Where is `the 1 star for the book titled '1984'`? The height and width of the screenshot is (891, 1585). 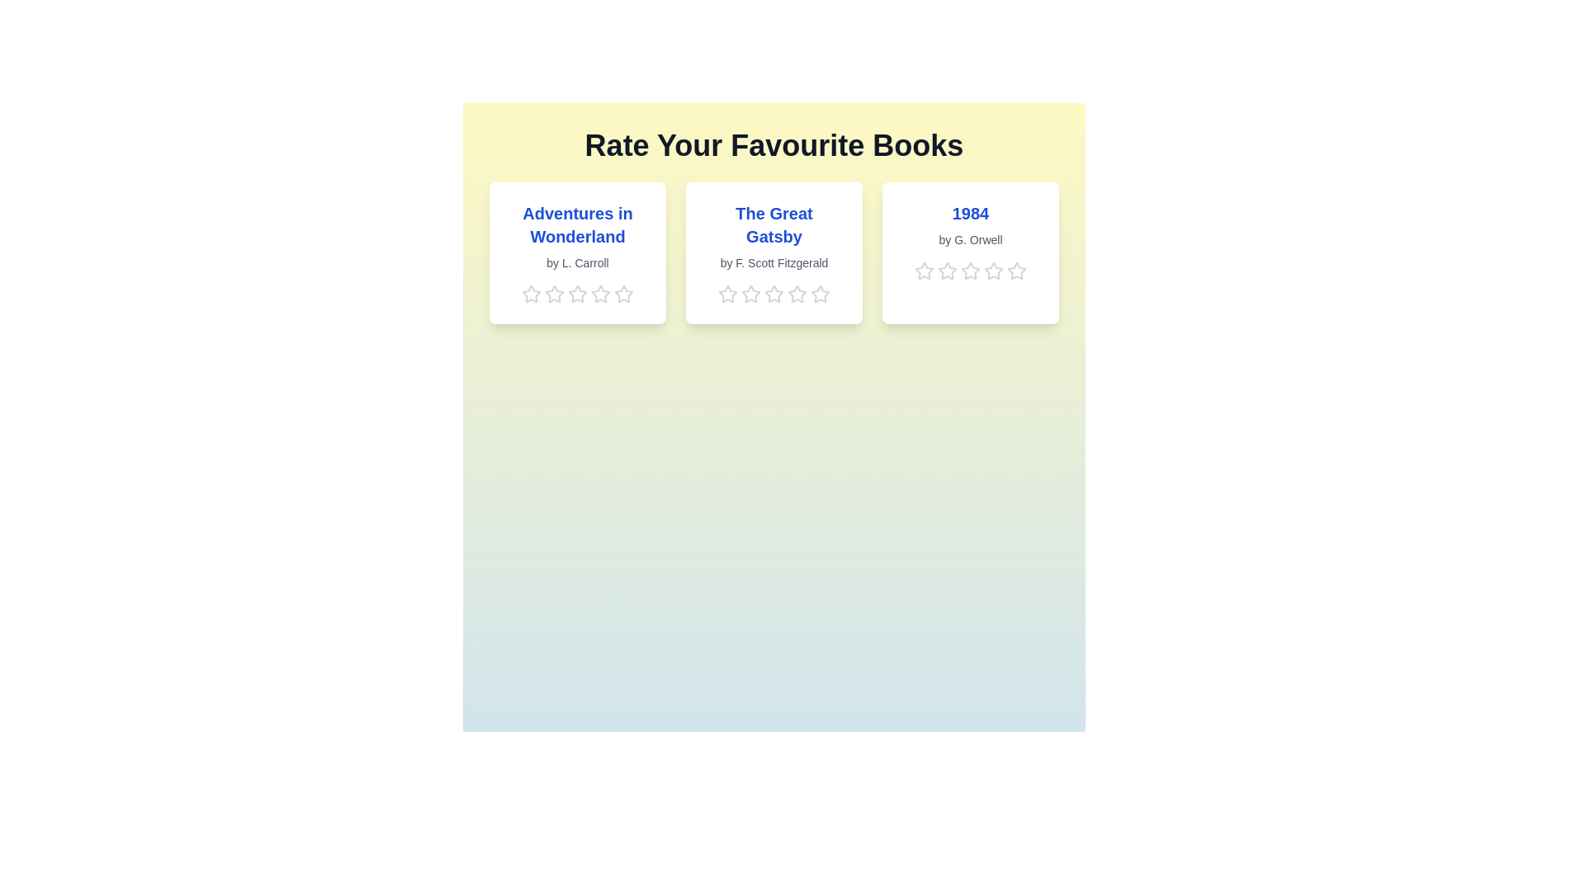
the 1 star for the book titled '1984' is located at coordinates (923, 270).